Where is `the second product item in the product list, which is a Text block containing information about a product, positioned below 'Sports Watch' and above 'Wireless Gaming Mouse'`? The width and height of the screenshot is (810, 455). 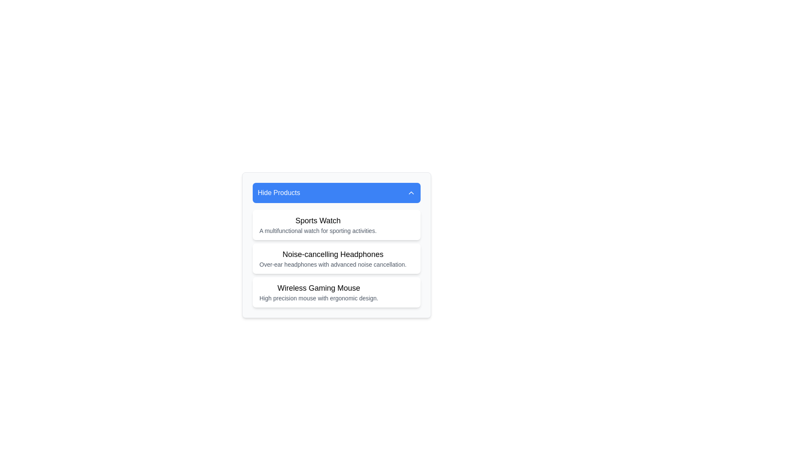 the second product item in the product list, which is a Text block containing information about a product, positioned below 'Sports Watch' and above 'Wireless Gaming Mouse' is located at coordinates (332, 258).